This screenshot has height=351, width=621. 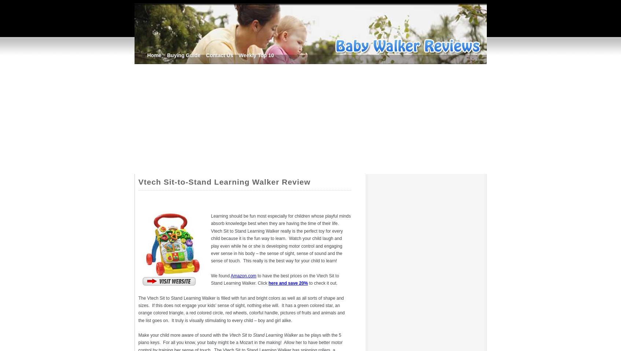 What do you see at coordinates (309, 283) in the screenshot?
I see `'to check it out.'` at bounding box center [309, 283].